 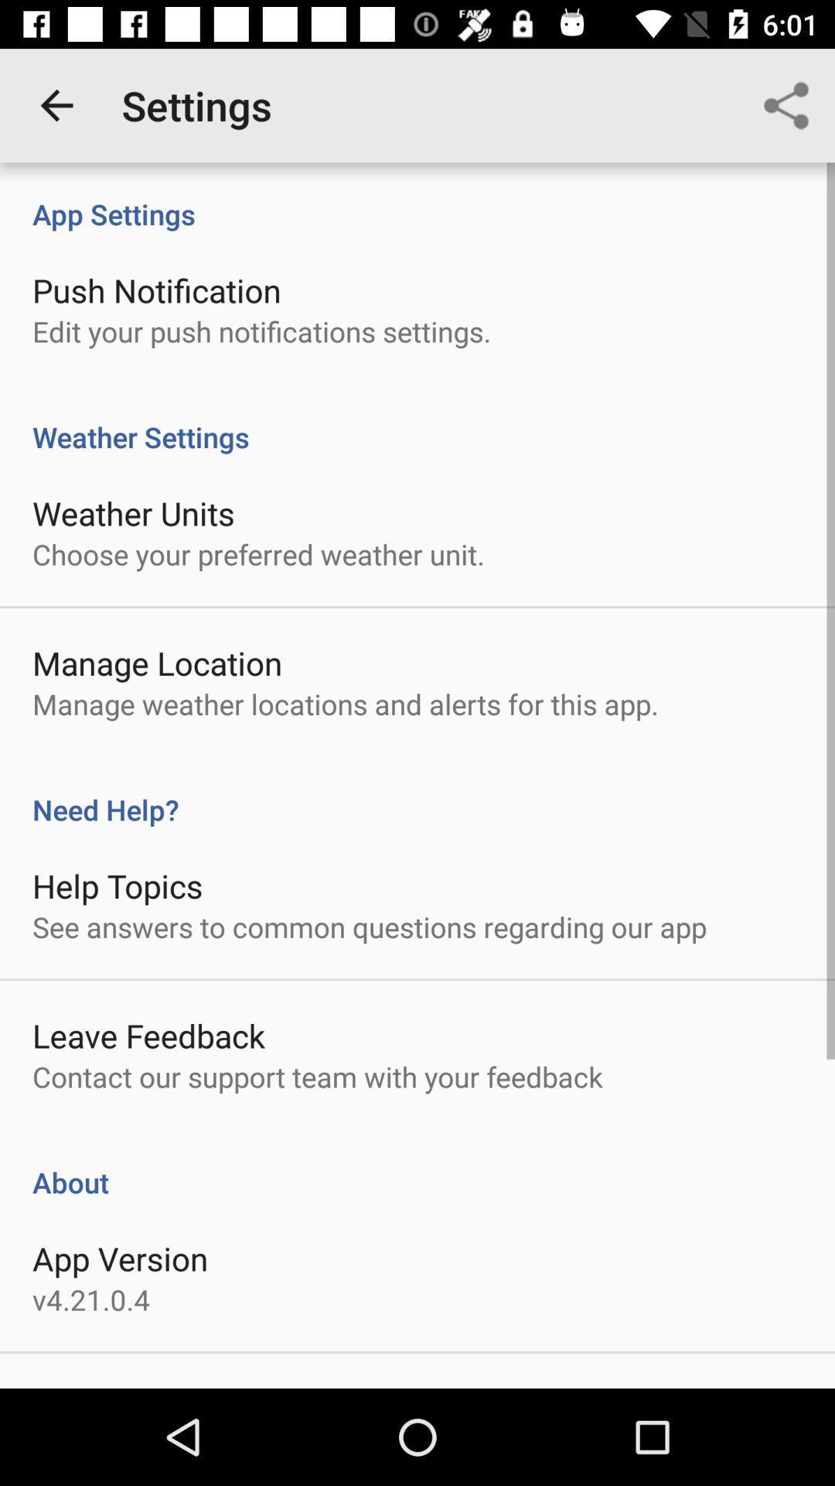 I want to click on item above the help topics icon, so click(x=417, y=793).